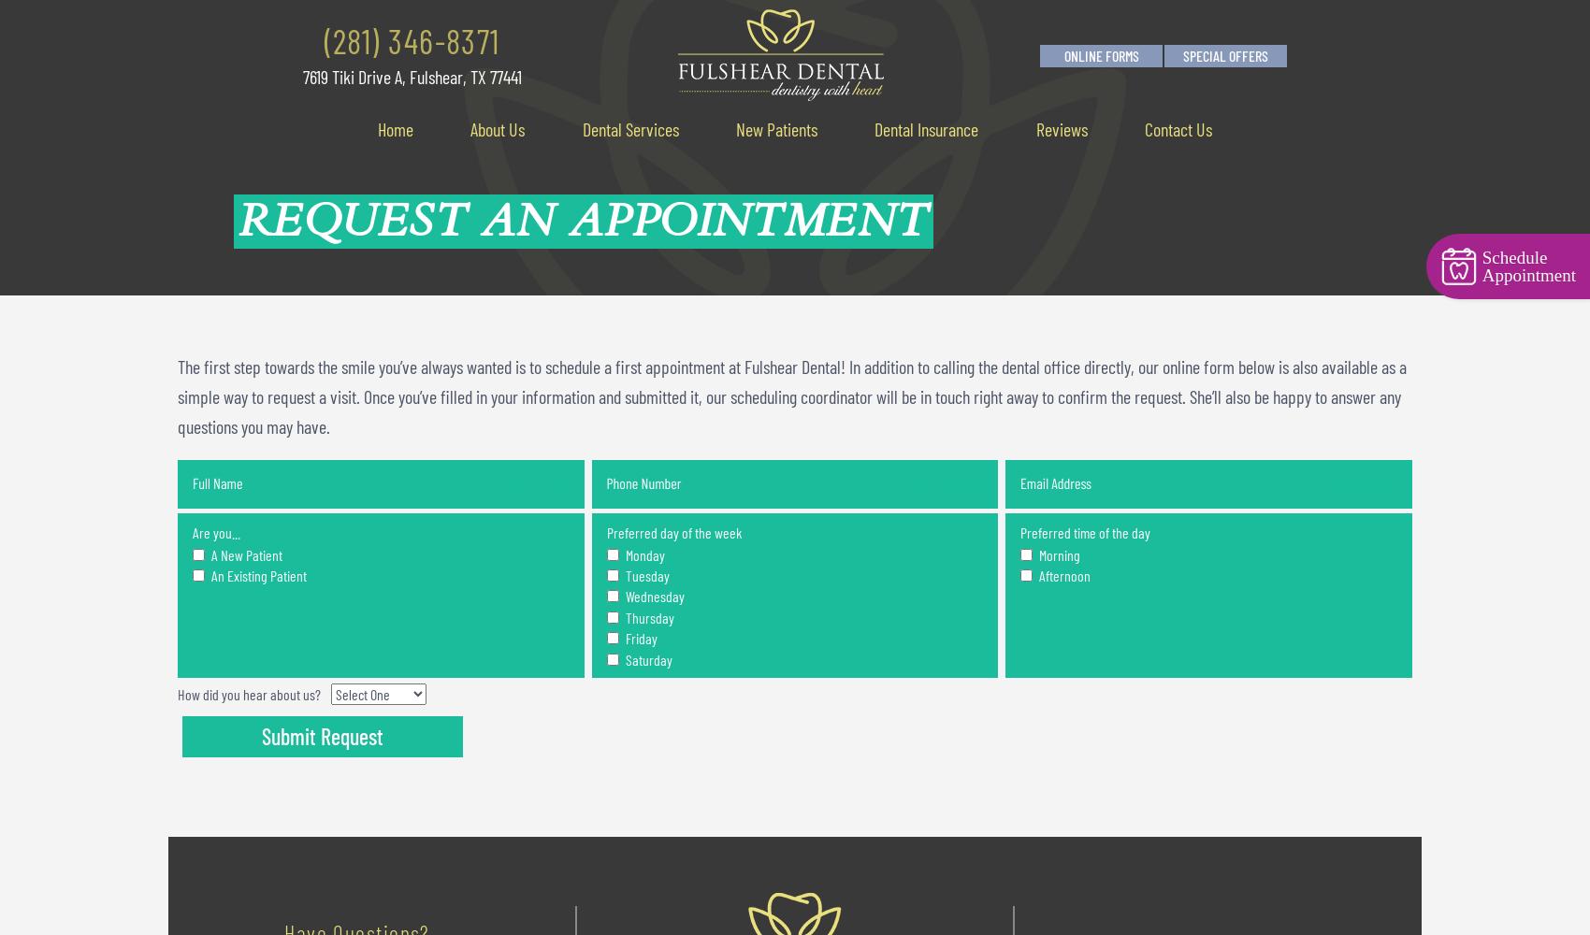  Describe the element at coordinates (321, 735) in the screenshot. I see `'Submit Request'` at that location.